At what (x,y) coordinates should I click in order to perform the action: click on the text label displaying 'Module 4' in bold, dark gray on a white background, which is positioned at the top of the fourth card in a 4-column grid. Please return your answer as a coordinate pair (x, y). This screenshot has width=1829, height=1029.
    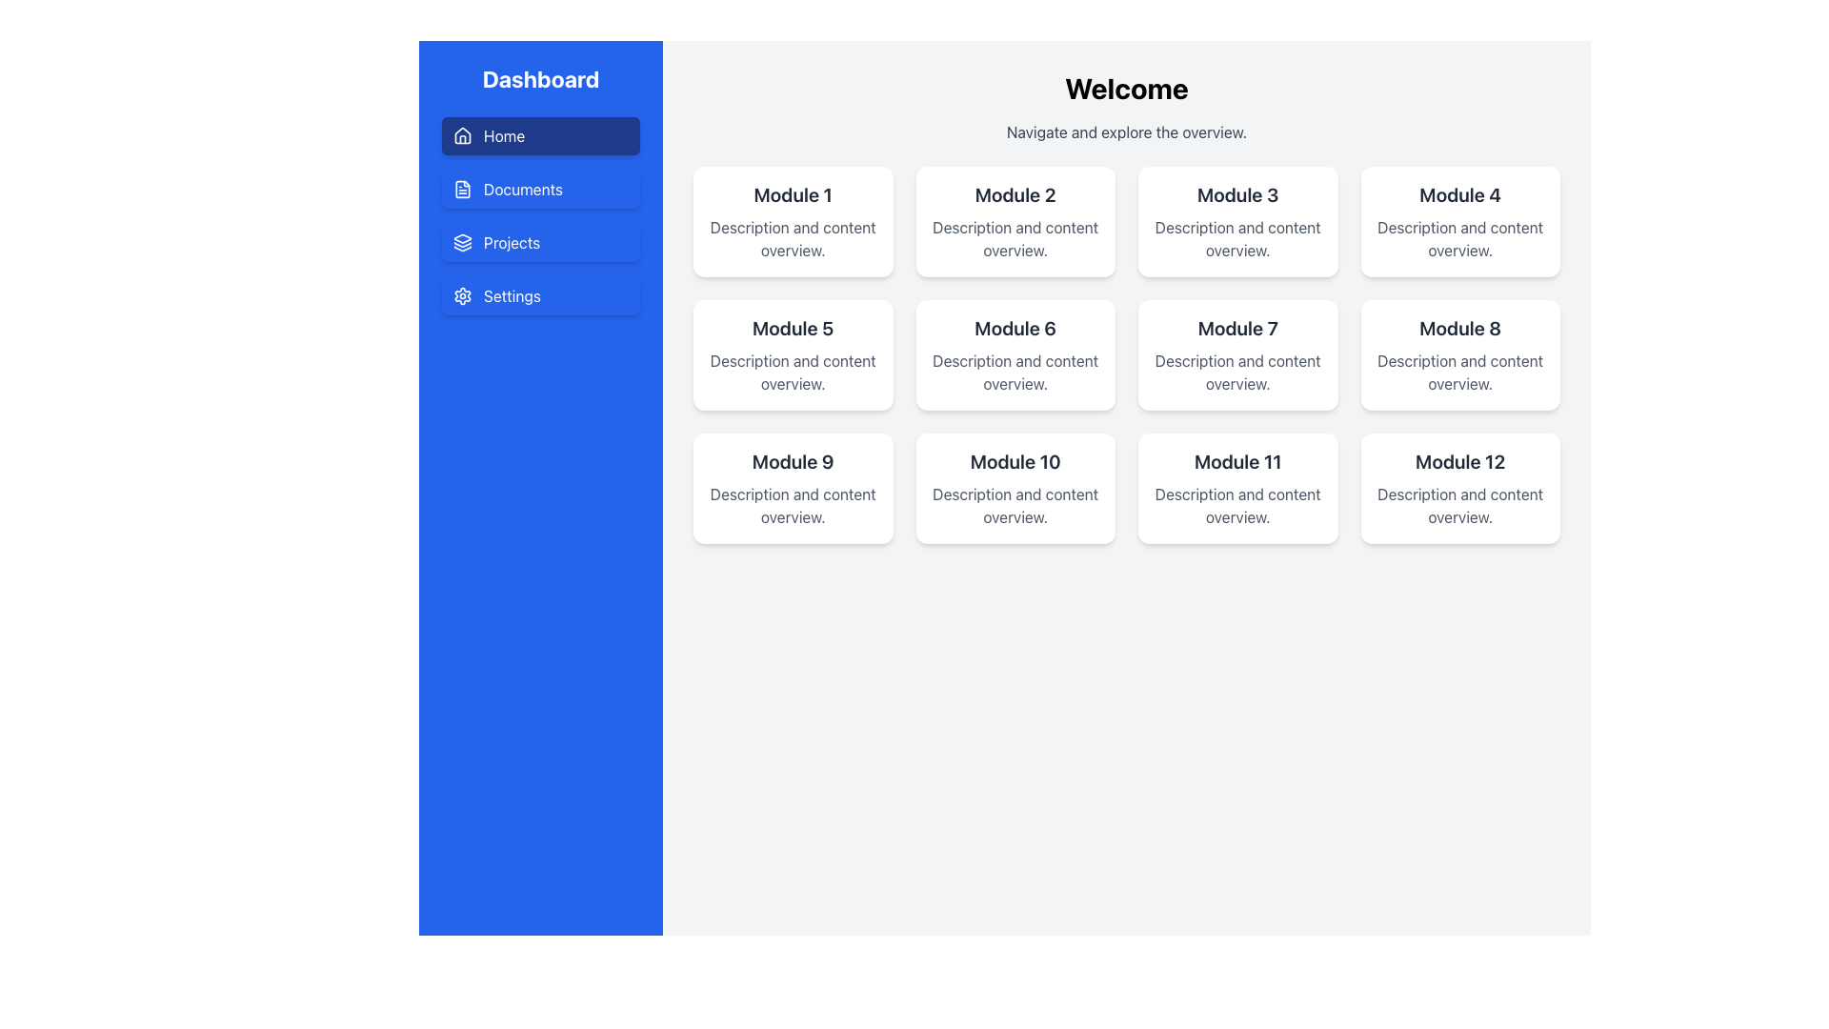
    Looking at the image, I should click on (1459, 194).